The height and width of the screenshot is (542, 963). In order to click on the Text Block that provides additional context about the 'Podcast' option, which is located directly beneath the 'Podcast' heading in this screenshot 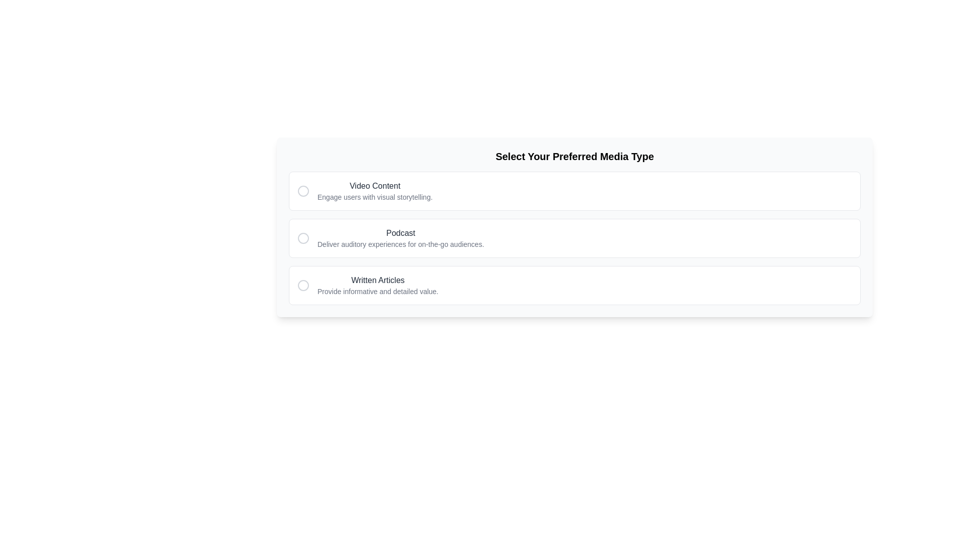, I will do `click(400, 244)`.